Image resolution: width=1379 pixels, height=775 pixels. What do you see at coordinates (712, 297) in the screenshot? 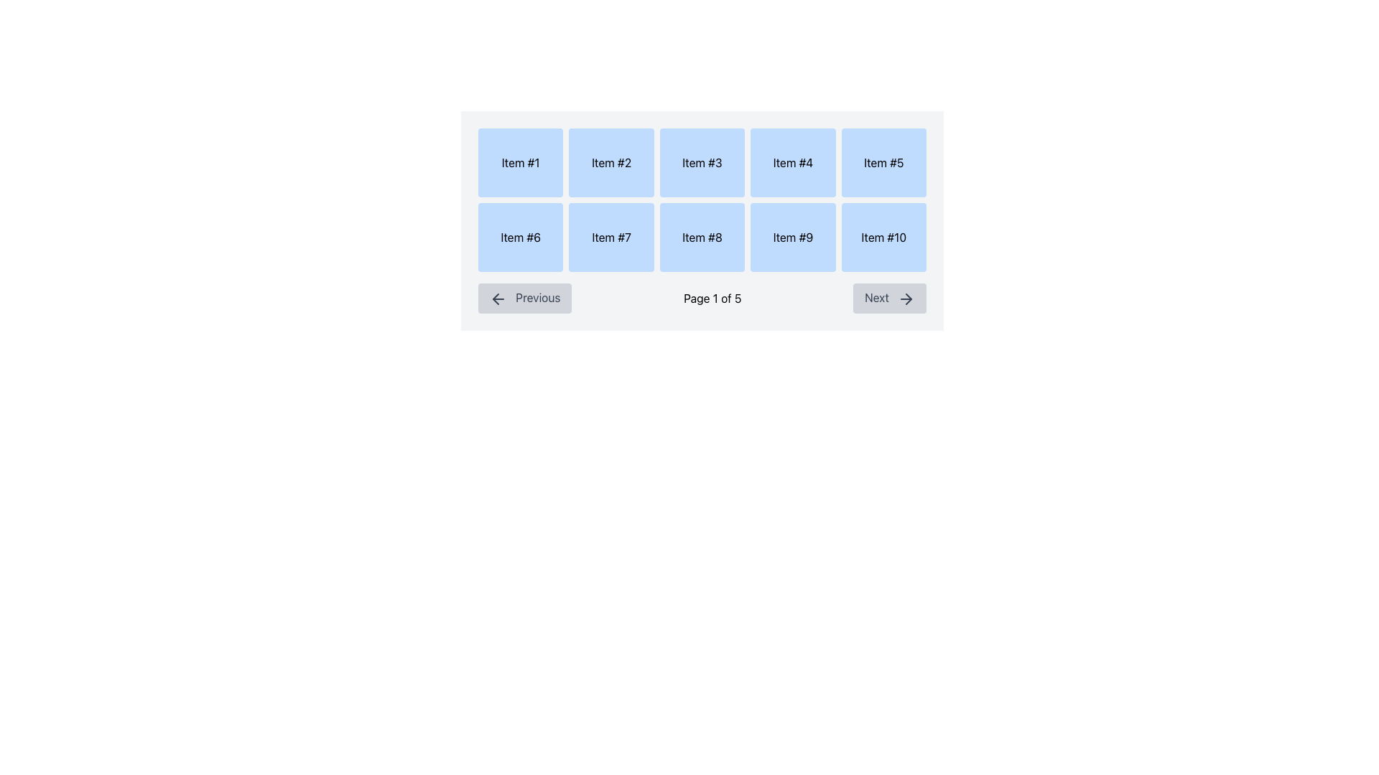
I see `the text label that indicates the current page number and total number of pages, located at the bottom center of the component, between the 'Previous' and 'Next' buttons` at bounding box center [712, 297].